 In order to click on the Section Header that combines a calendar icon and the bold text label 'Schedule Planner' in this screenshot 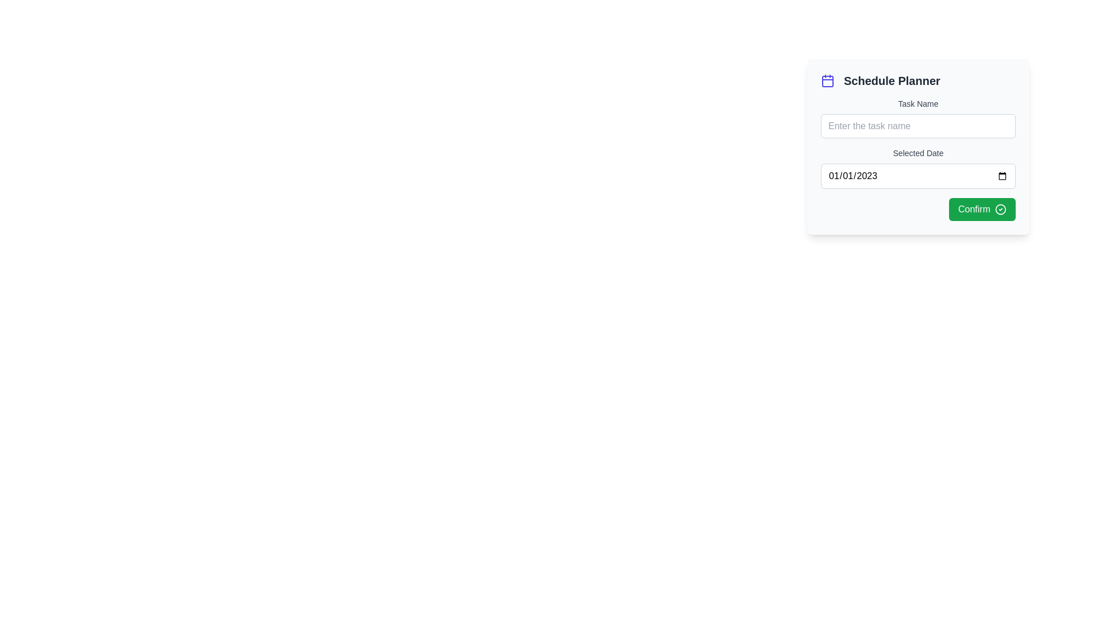, I will do `click(917, 80)`.